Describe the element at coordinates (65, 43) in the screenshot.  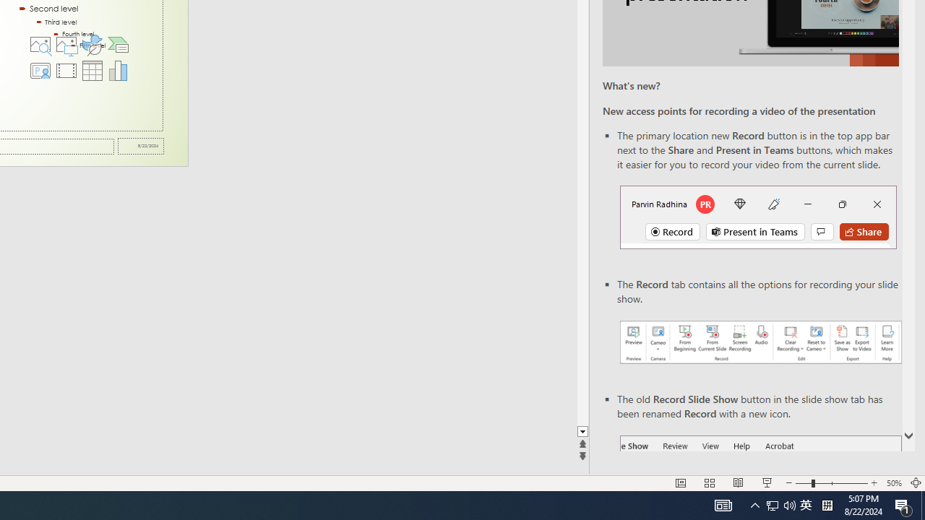
I see `'Pictures'` at that location.